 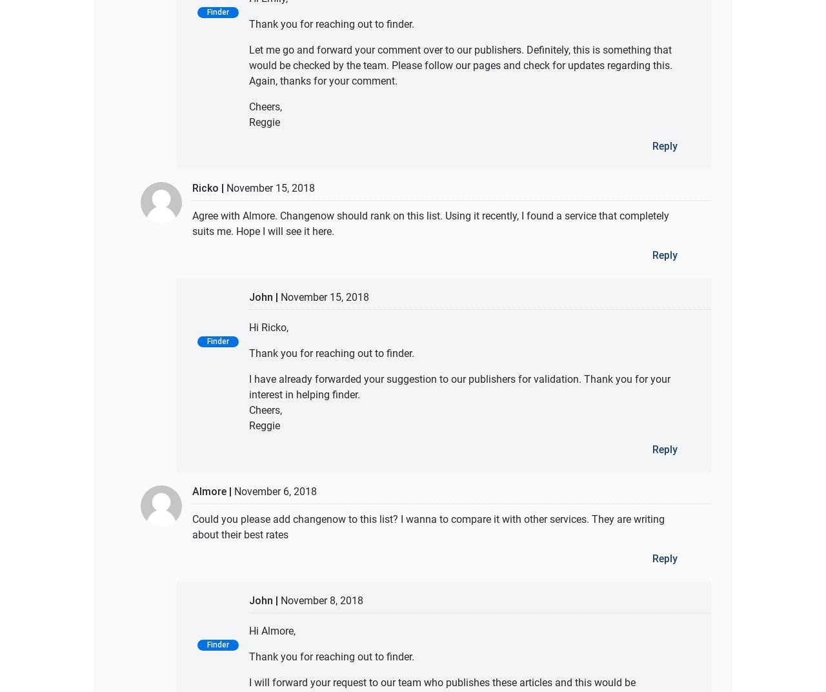 What do you see at coordinates (430, 223) in the screenshot?
I see `'Agree with Almore. Changenow should rank on this list. Using it recently, I found a service that completely suits me. Hope I will see it here.'` at bounding box center [430, 223].